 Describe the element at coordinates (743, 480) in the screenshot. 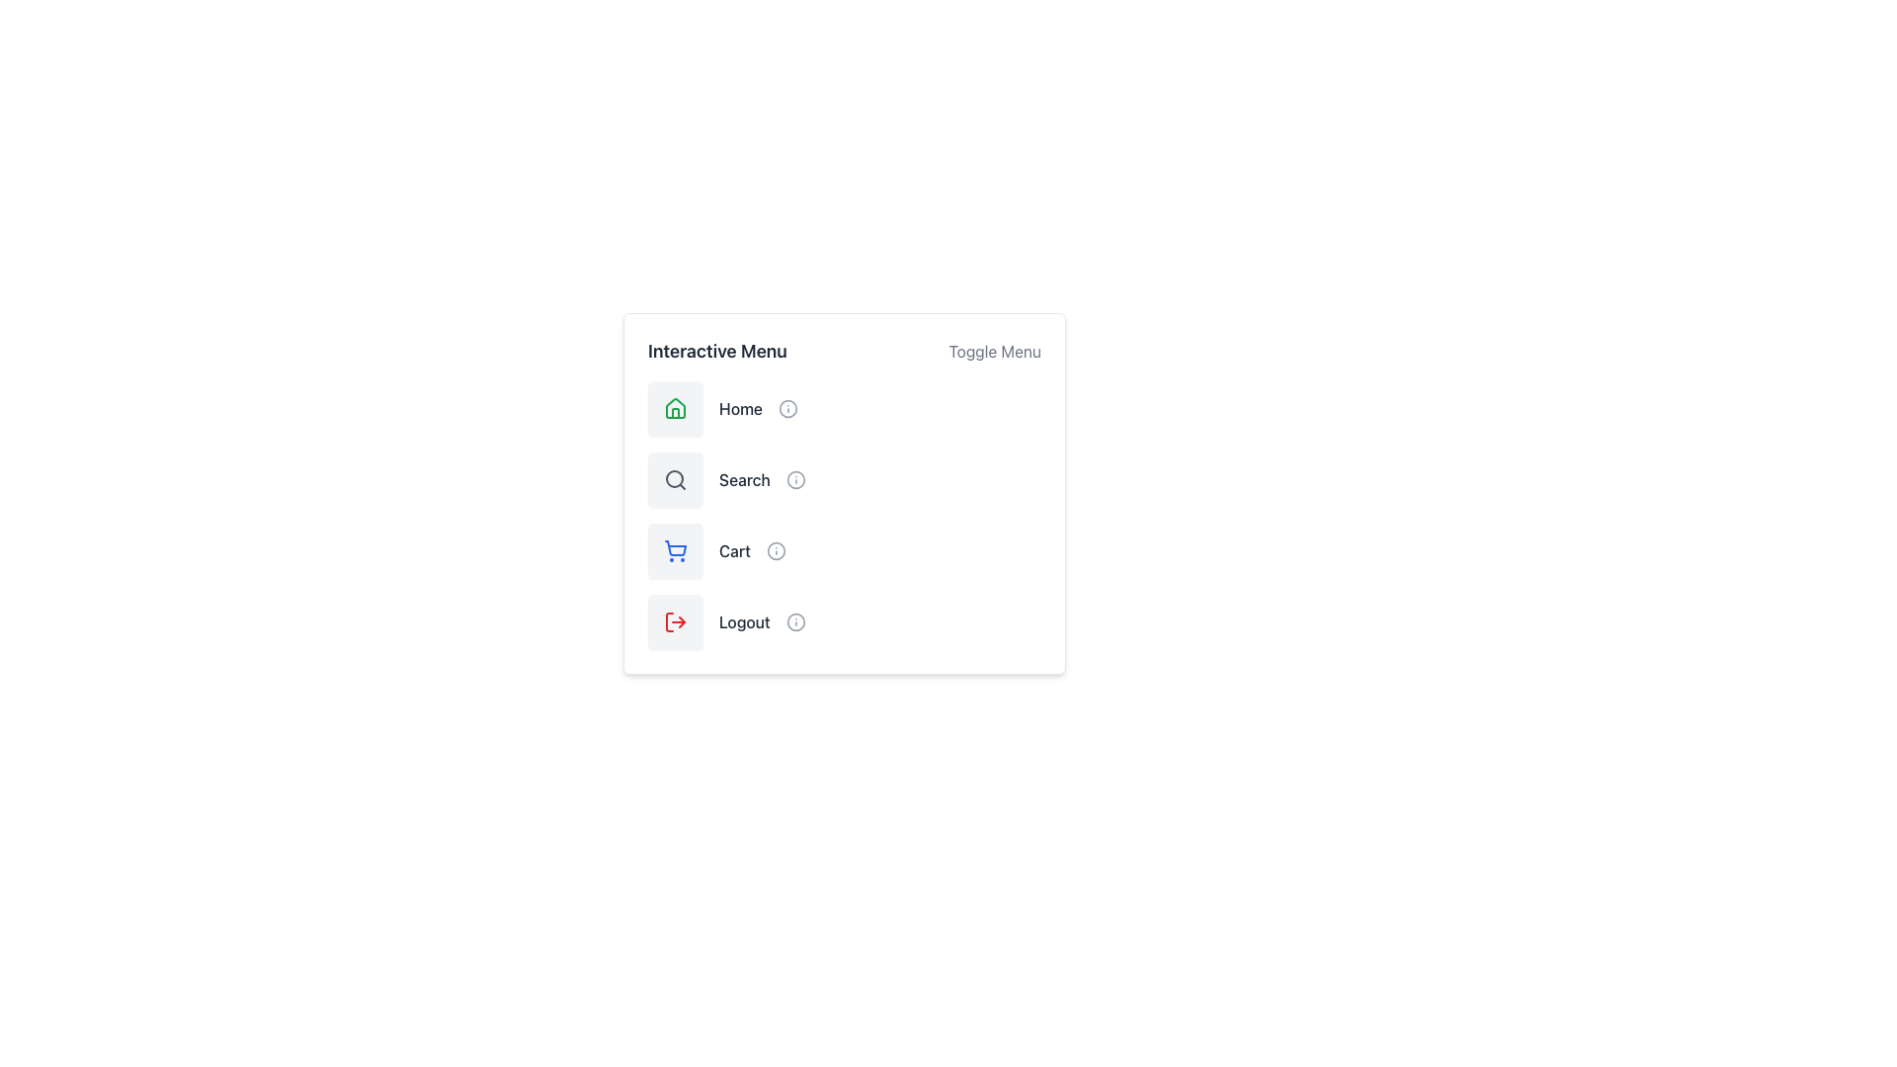

I see `text of the Text Label that serves as a label for the search action, located below the 'Home' label and above the 'Cart' label in the menu layout` at that location.